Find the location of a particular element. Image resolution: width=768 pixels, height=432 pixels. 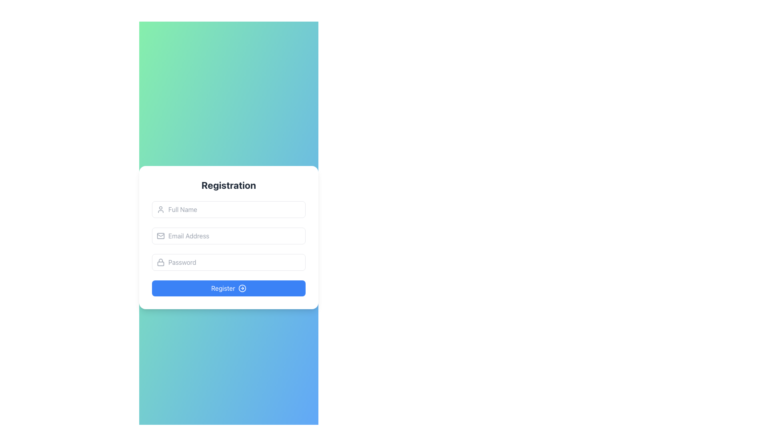

the interactive icon located to the right of the 'Register' text within the blue button is located at coordinates (242, 288).